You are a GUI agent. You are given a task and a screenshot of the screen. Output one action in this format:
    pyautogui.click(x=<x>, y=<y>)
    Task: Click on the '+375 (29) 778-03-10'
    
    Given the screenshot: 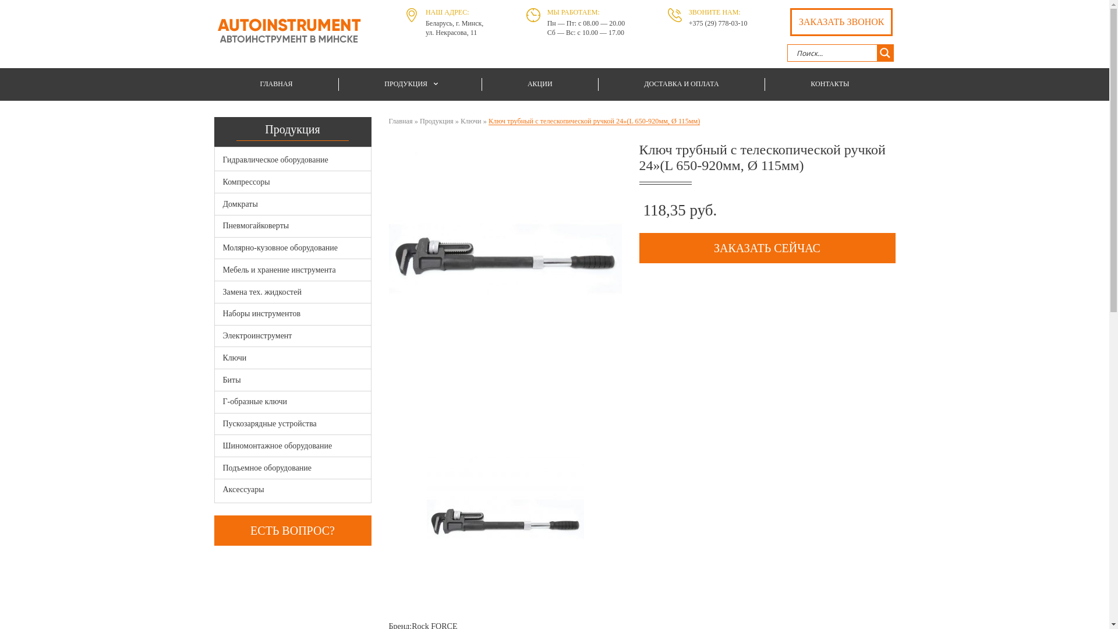 What is the action you would take?
    pyautogui.click(x=717, y=23)
    